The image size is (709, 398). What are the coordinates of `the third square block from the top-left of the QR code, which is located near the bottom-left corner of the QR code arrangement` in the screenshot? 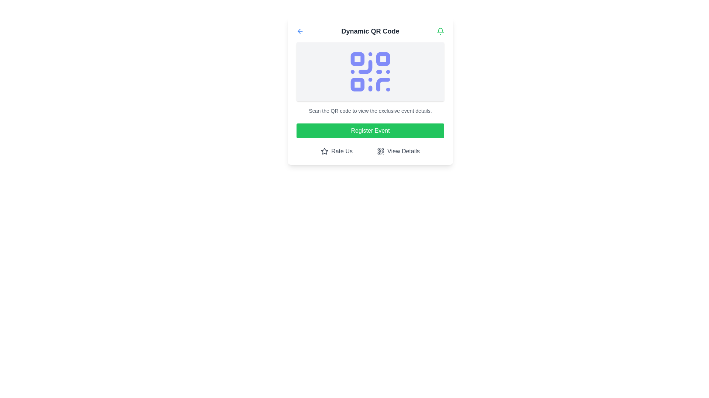 It's located at (357, 84).